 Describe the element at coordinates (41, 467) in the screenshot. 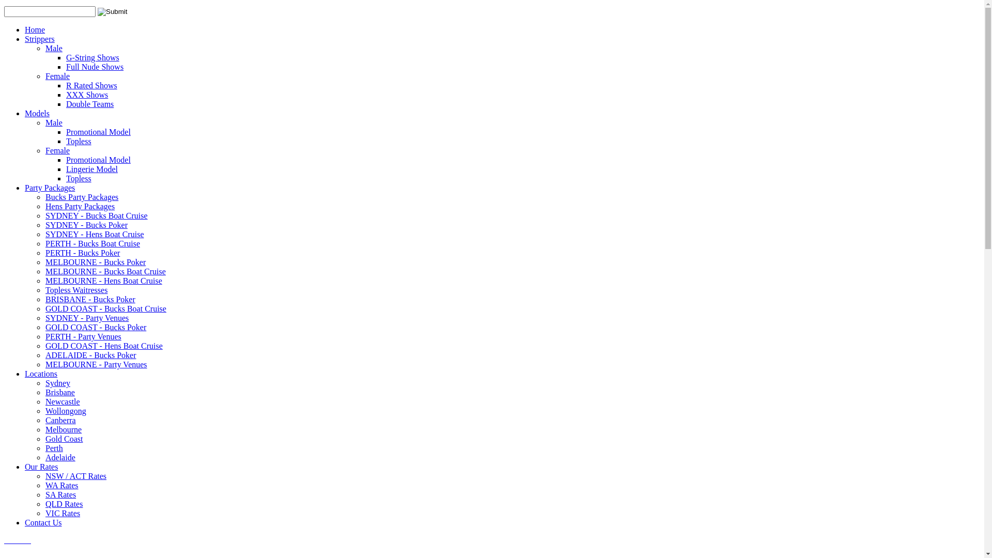

I see `'Our Rates'` at that location.